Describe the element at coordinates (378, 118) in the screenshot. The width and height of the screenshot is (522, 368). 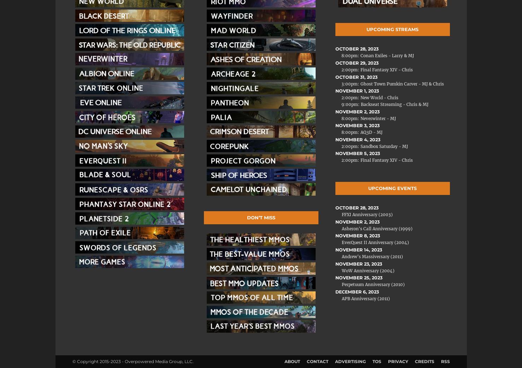
I see `'Neverwinter - MJ'` at that location.